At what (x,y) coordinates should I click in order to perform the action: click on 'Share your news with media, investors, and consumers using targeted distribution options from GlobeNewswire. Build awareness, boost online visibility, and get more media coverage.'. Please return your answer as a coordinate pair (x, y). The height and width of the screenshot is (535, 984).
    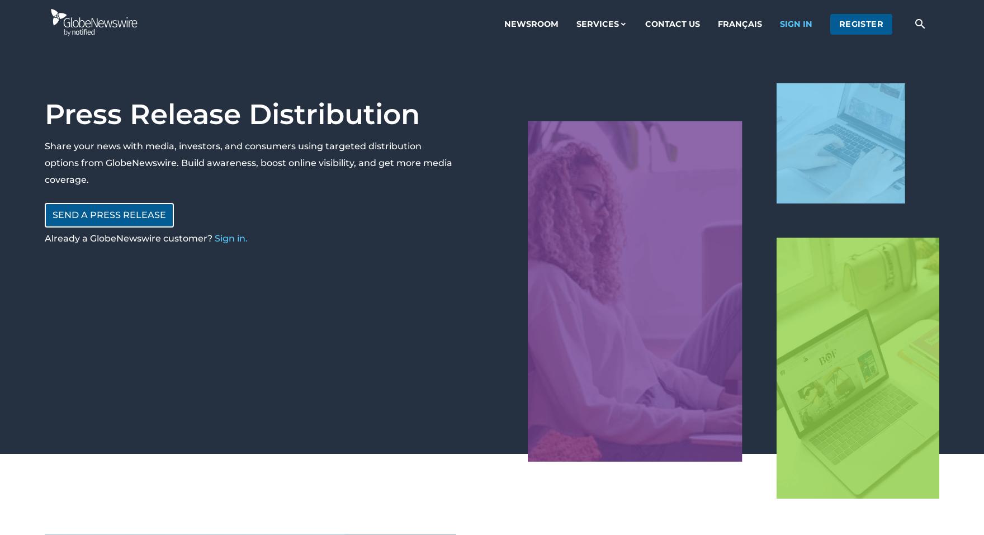
    Looking at the image, I should click on (248, 163).